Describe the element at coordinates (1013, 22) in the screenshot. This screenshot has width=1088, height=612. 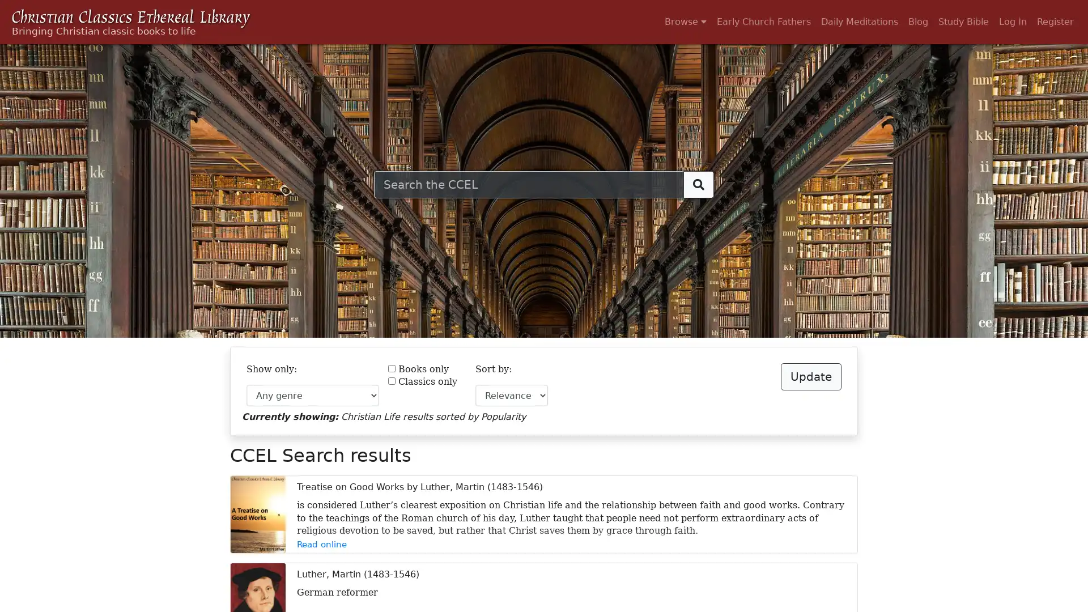
I see `Log In` at that location.